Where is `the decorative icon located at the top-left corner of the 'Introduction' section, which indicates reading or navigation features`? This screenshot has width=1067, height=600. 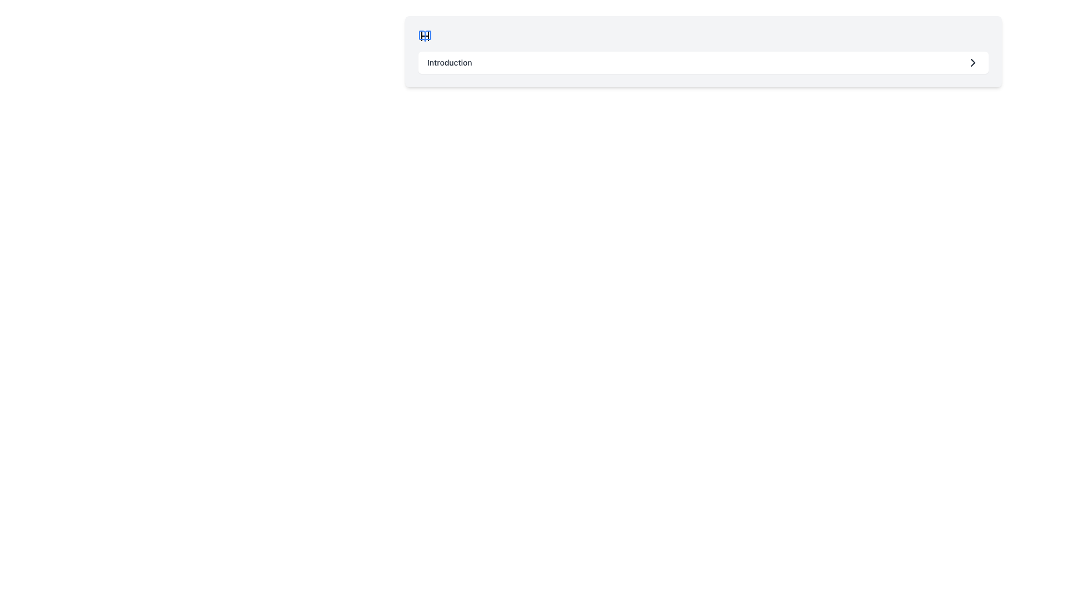
the decorative icon located at the top-left corner of the 'Introduction' section, which indicates reading or navigation features is located at coordinates (424, 36).